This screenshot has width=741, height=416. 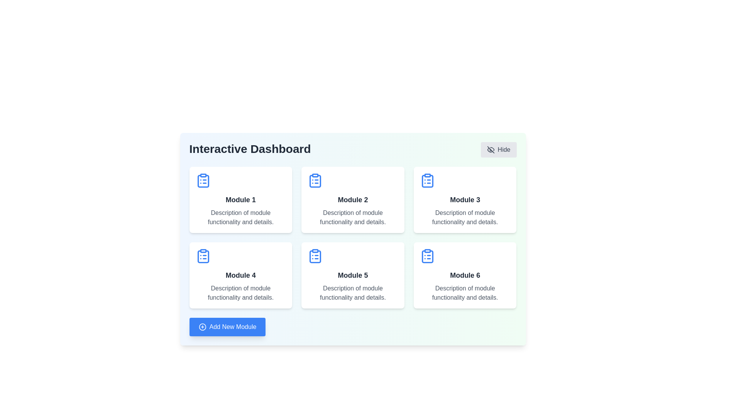 What do you see at coordinates (490, 150) in the screenshot?
I see `the crossed-out eye icon, which is located within the gray 'Hide' button at the top-right corner of the interface` at bounding box center [490, 150].